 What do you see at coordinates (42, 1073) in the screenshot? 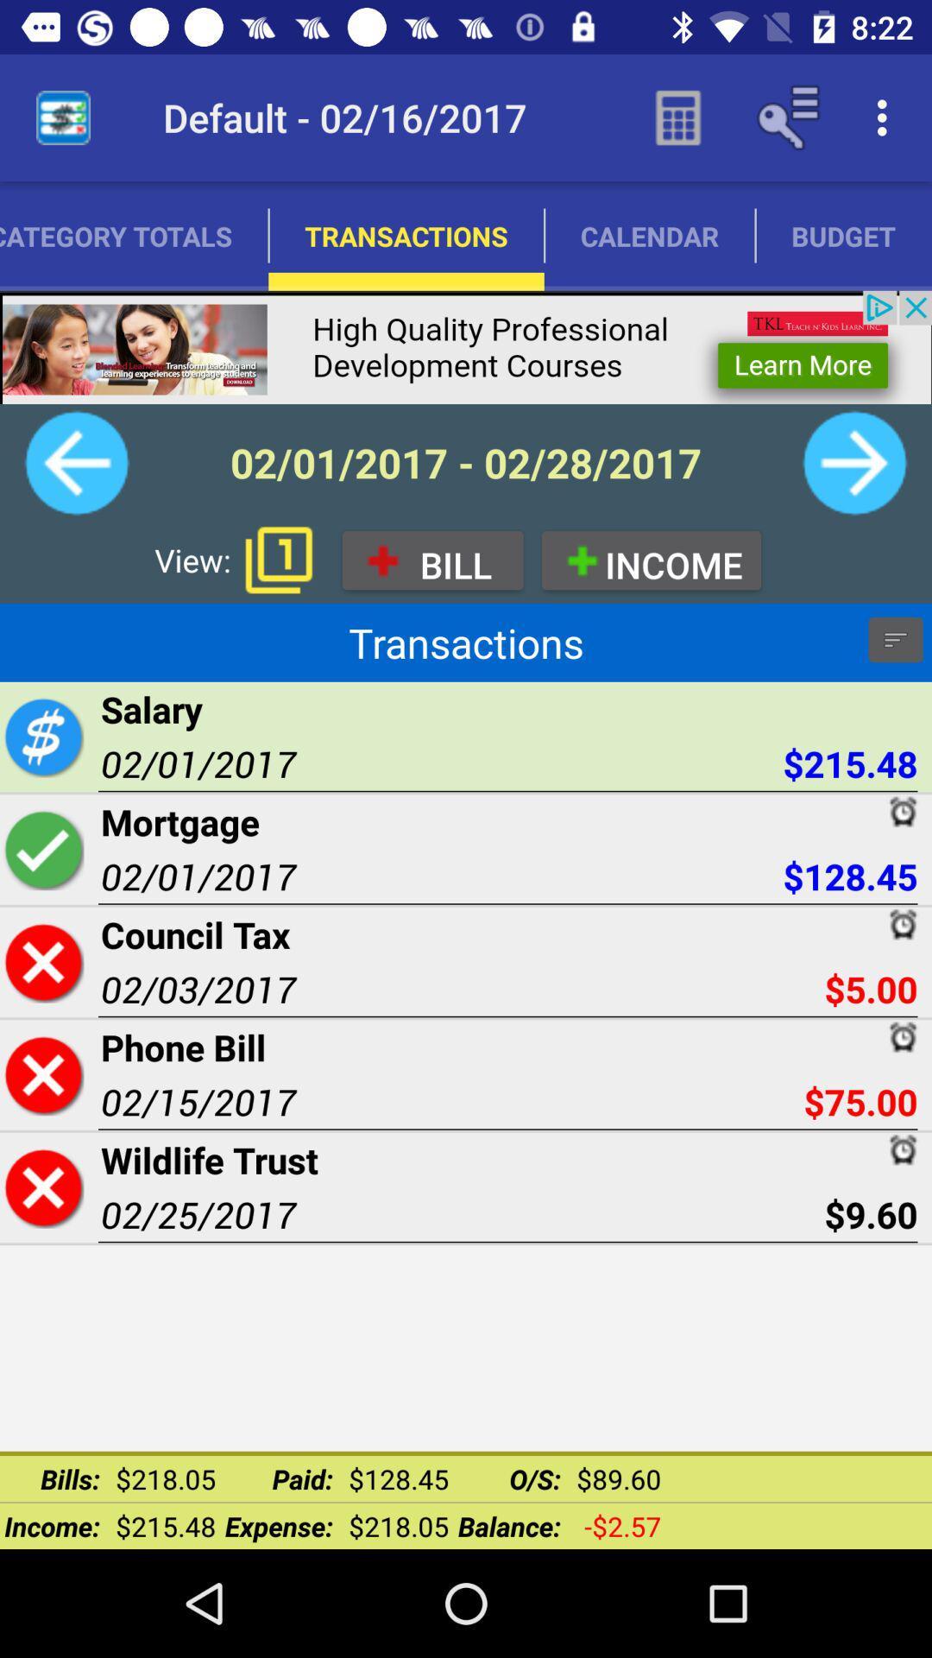
I see `delete transaction` at bounding box center [42, 1073].